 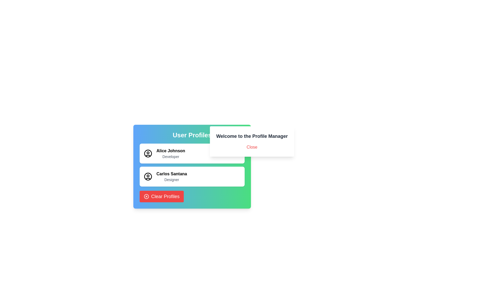 I want to click on descriptive text label located below the name 'Carlos Santana' in the second profile card, so click(x=172, y=179).